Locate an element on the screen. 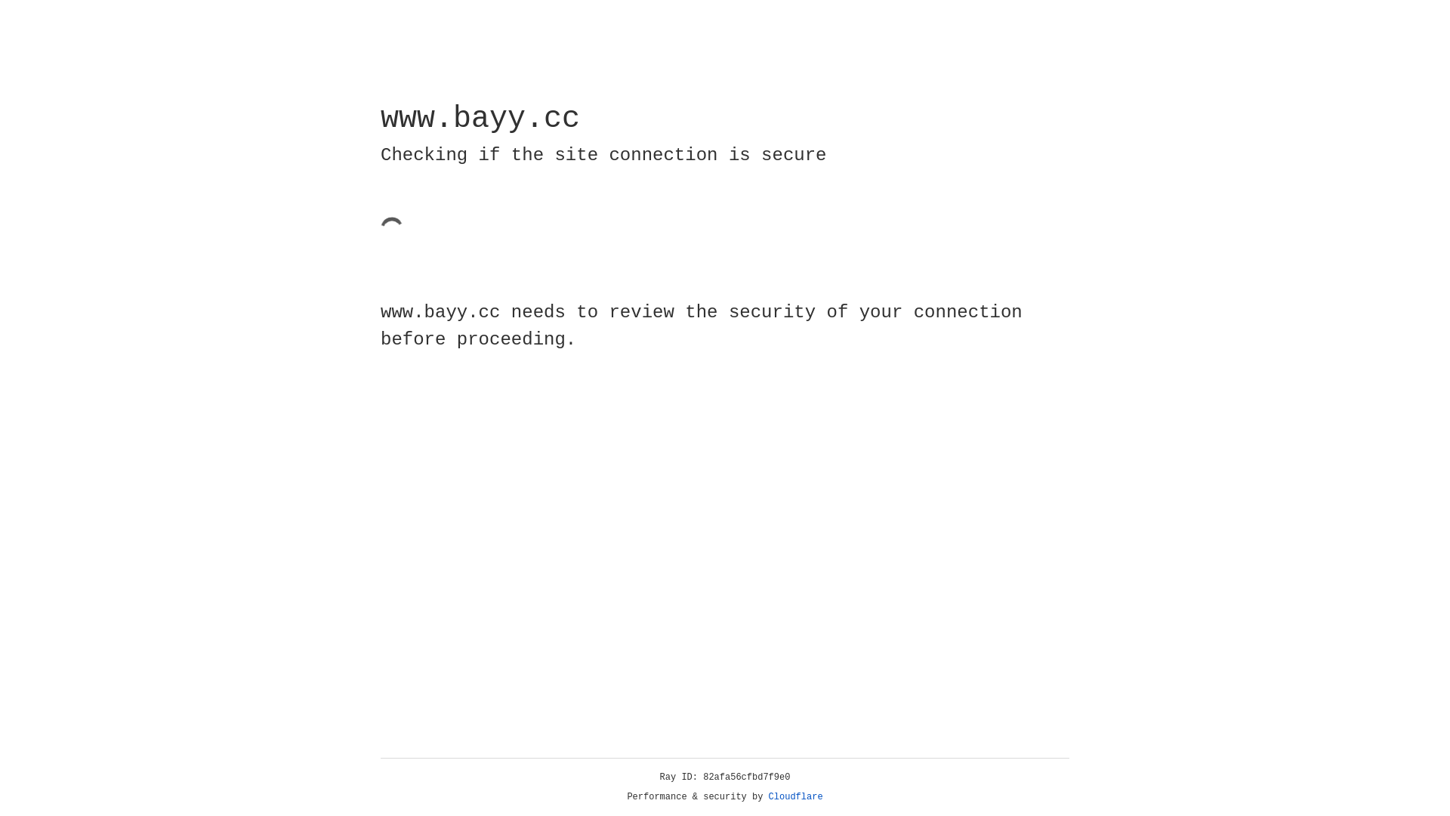  'Cloudflare' is located at coordinates (795, 796).